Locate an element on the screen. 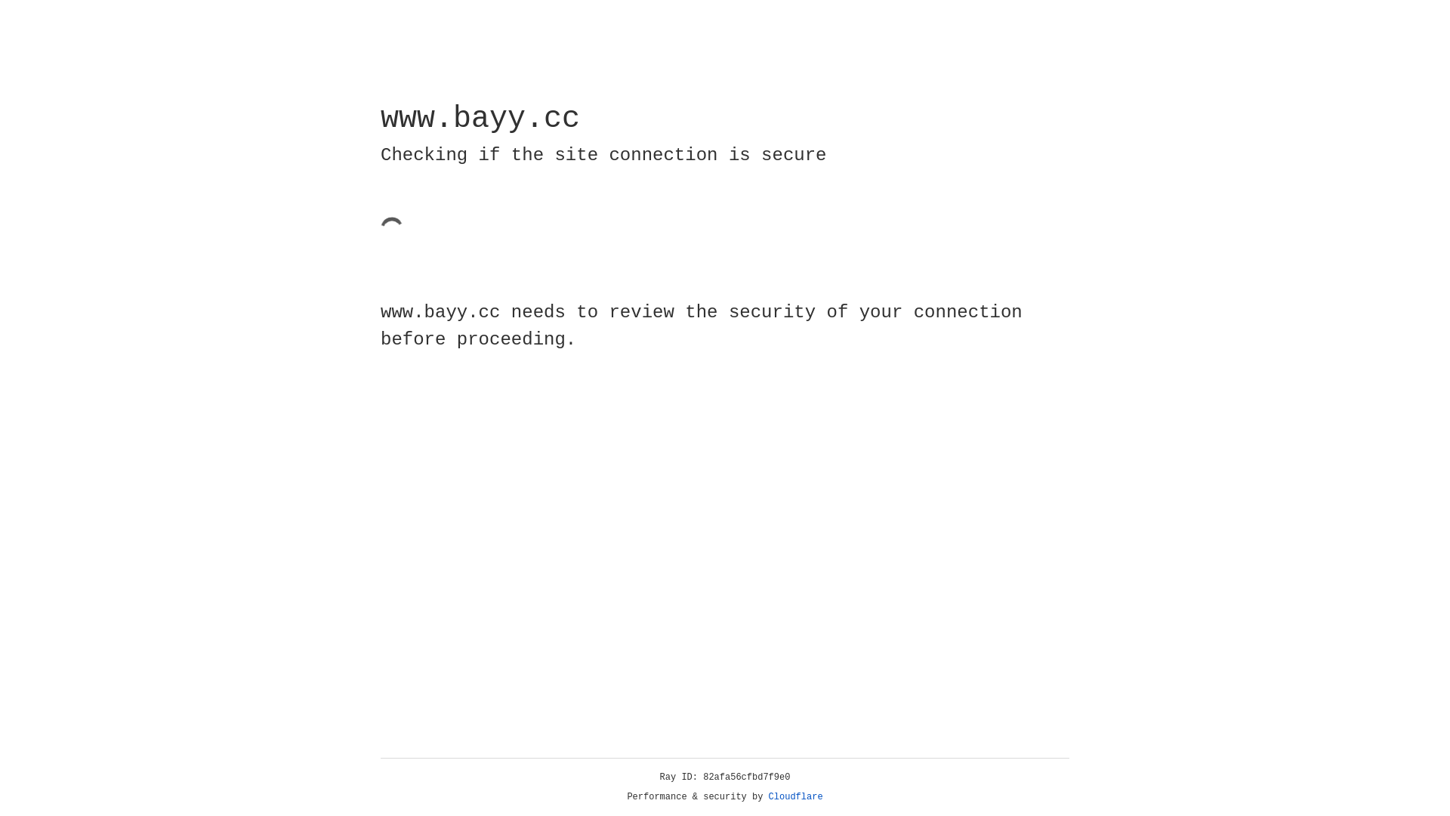  'Cloudflare' is located at coordinates (795, 796).